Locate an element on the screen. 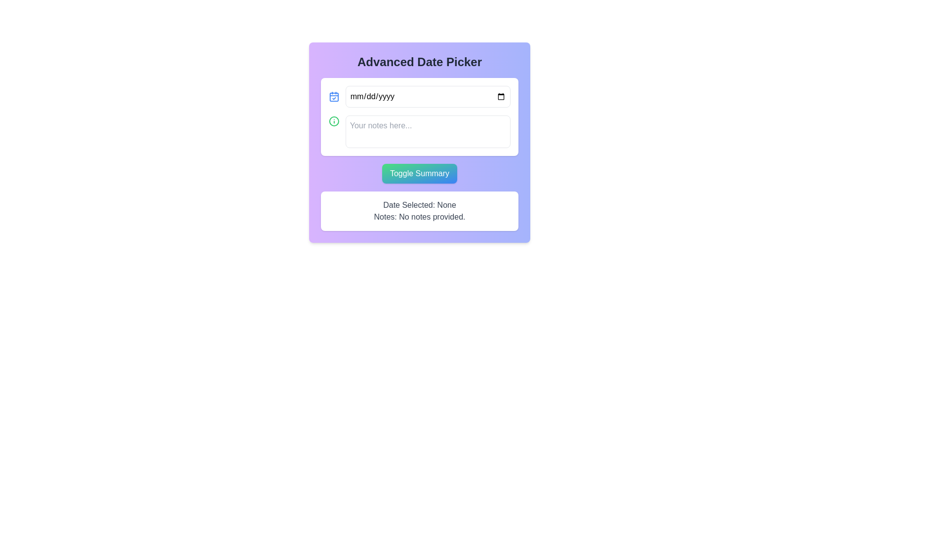  the text label displaying 'Notes: No notes provided.' which is styled in gray and located below 'Date Selected: None' is located at coordinates (419, 216).